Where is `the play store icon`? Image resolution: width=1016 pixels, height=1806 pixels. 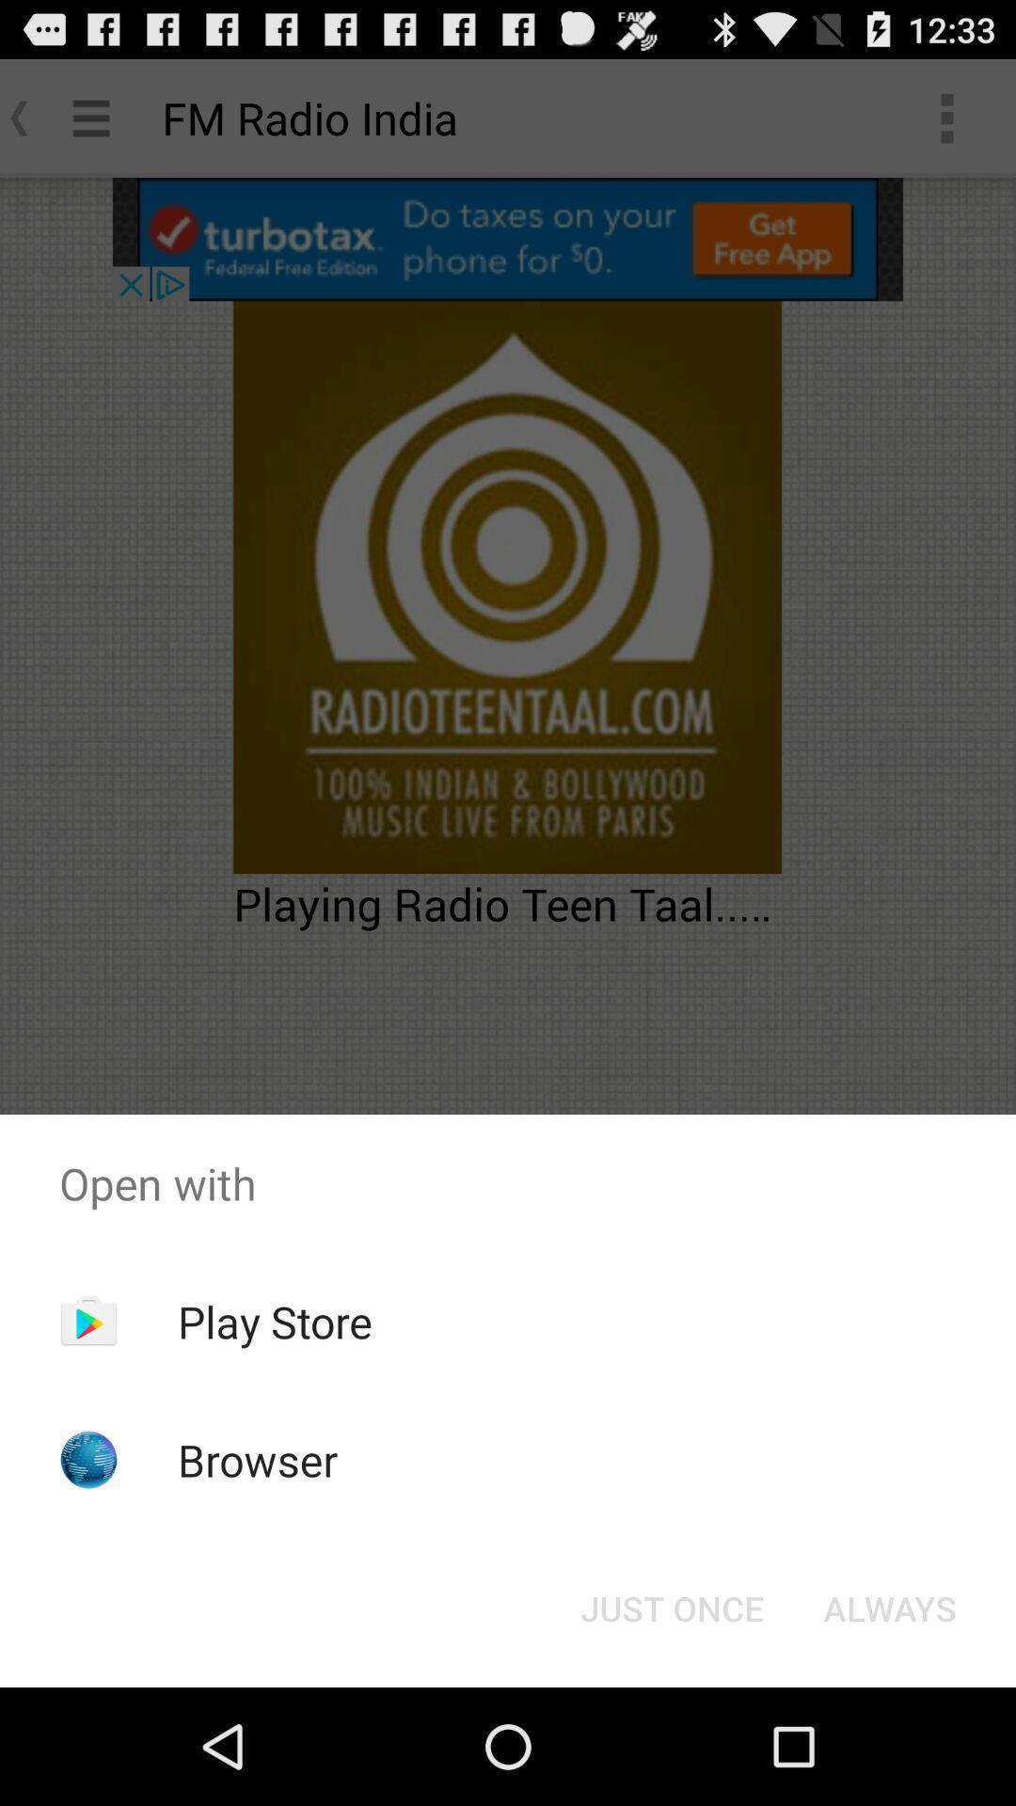
the play store icon is located at coordinates (275, 1321).